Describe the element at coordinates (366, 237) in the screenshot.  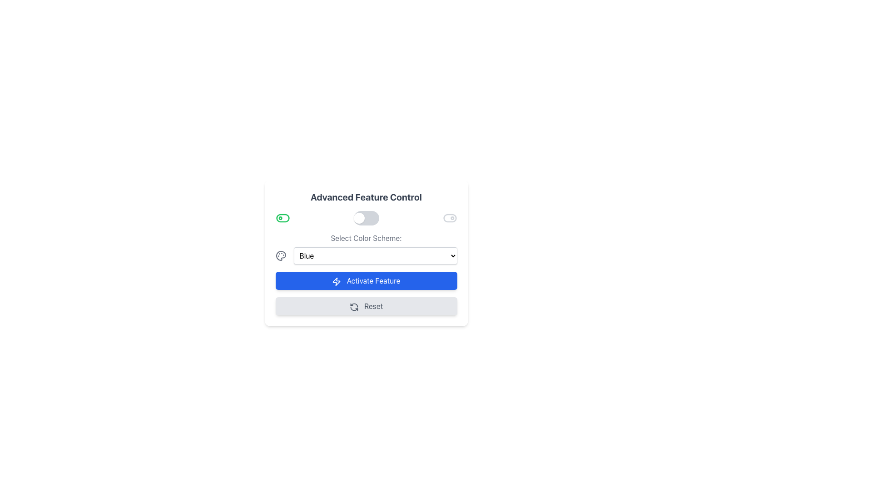
I see `the text label displaying 'Select Color Scheme:' which is styled in gray font and positioned above the dropdown menu for color scheme selection` at that location.